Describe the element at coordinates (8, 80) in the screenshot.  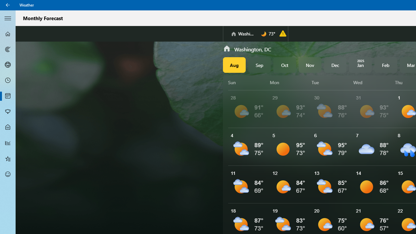
I see `'Hourly Forecast - Not Selected'` at that location.